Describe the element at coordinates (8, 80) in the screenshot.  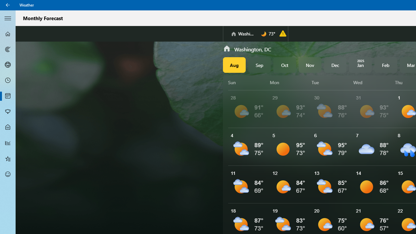
I see `'Hourly Forecast - Not Selected'` at that location.